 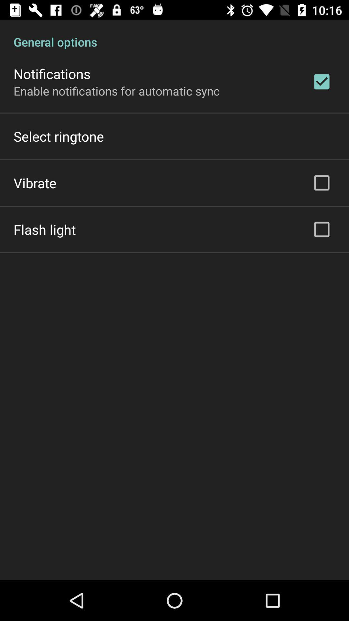 What do you see at coordinates (44, 229) in the screenshot?
I see `flash light item` at bounding box center [44, 229].